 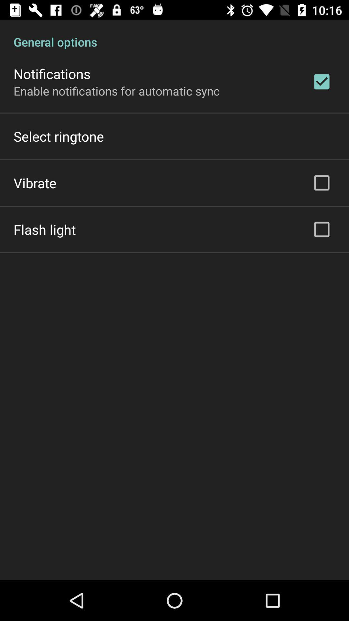 What do you see at coordinates (44, 229) in the screenshot?
I see `flash light item` at bounding box center [44, 229].